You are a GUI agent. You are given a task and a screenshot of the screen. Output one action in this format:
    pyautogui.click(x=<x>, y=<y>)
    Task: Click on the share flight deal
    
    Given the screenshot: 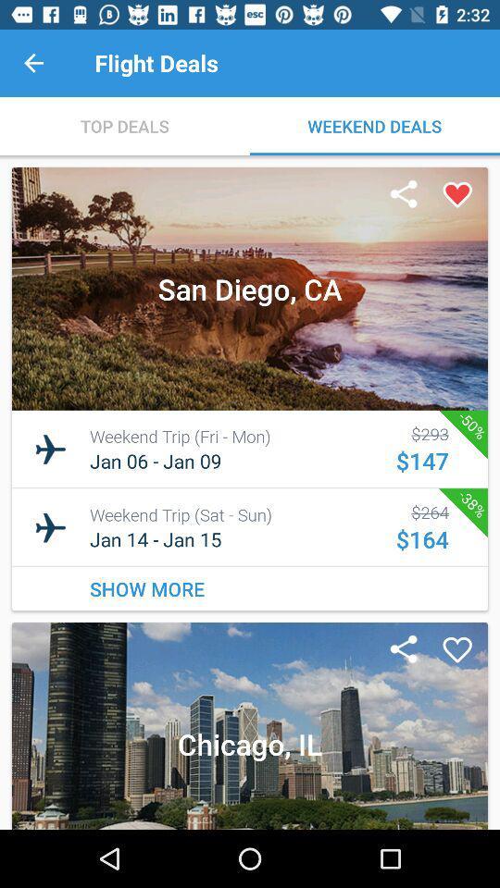 What is the action you would take?
    pyautogui.click(x=403, y=195)
    